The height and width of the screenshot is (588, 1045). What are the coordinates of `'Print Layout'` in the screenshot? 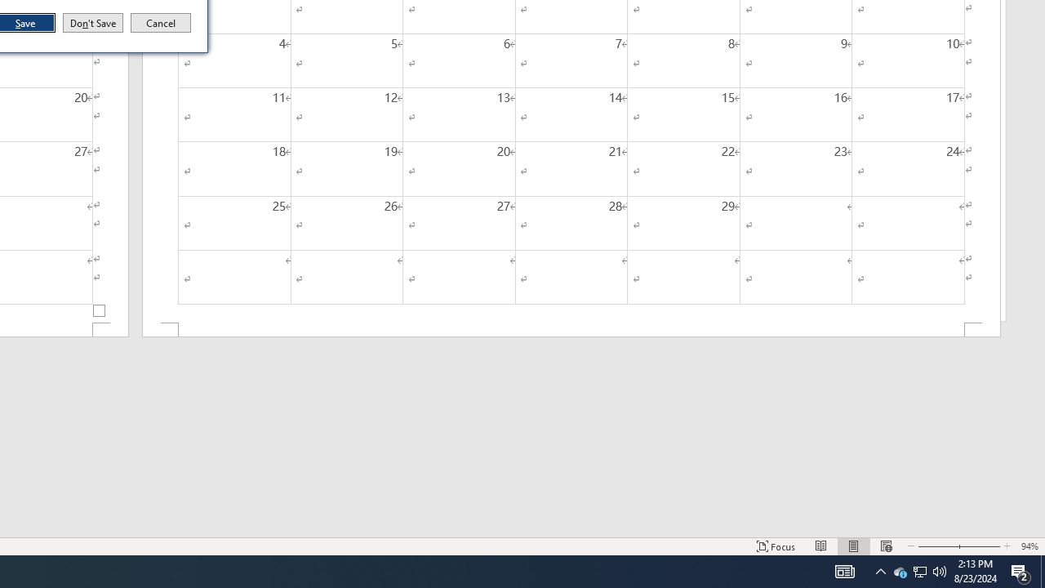 It's located at (853, 546).